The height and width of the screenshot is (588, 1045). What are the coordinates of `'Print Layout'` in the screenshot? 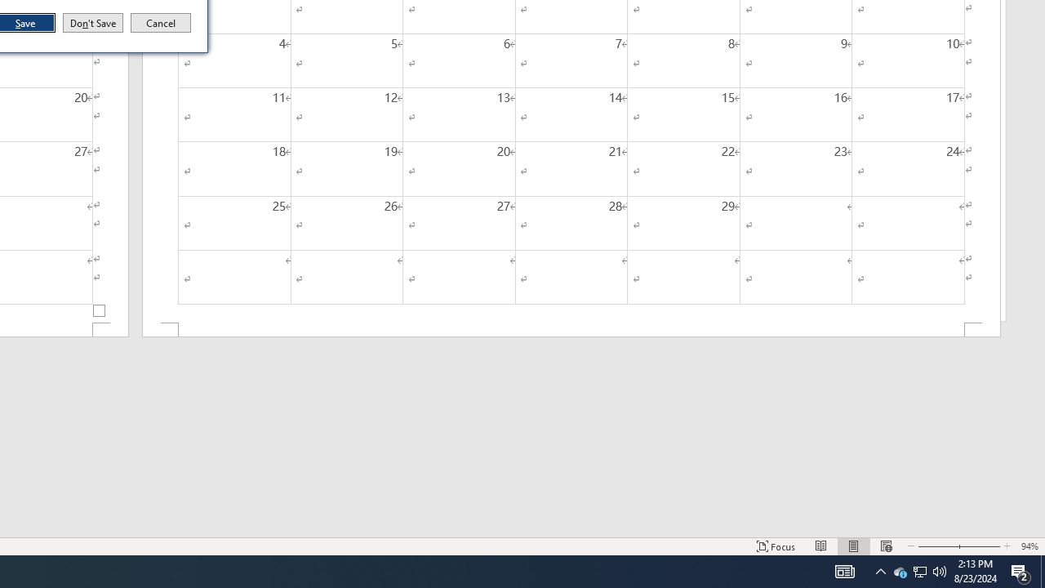 It's located at (853, 546).